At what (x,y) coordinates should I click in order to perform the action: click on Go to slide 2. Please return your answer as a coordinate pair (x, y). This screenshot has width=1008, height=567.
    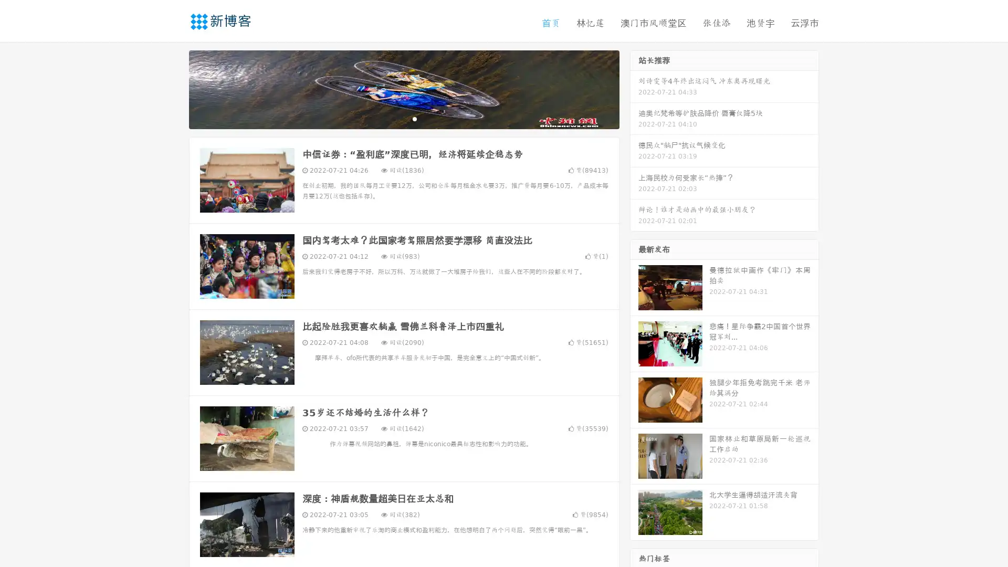
    Looking at the image, I should click on (403, 118).